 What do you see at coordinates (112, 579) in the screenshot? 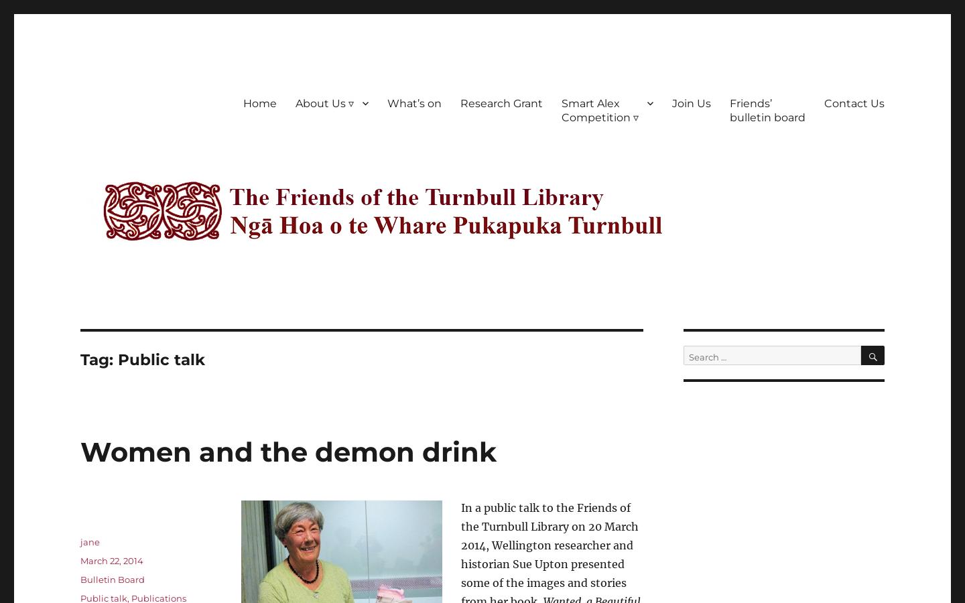
I see `'Bulletin Board'` at bounding box center [112, 579].